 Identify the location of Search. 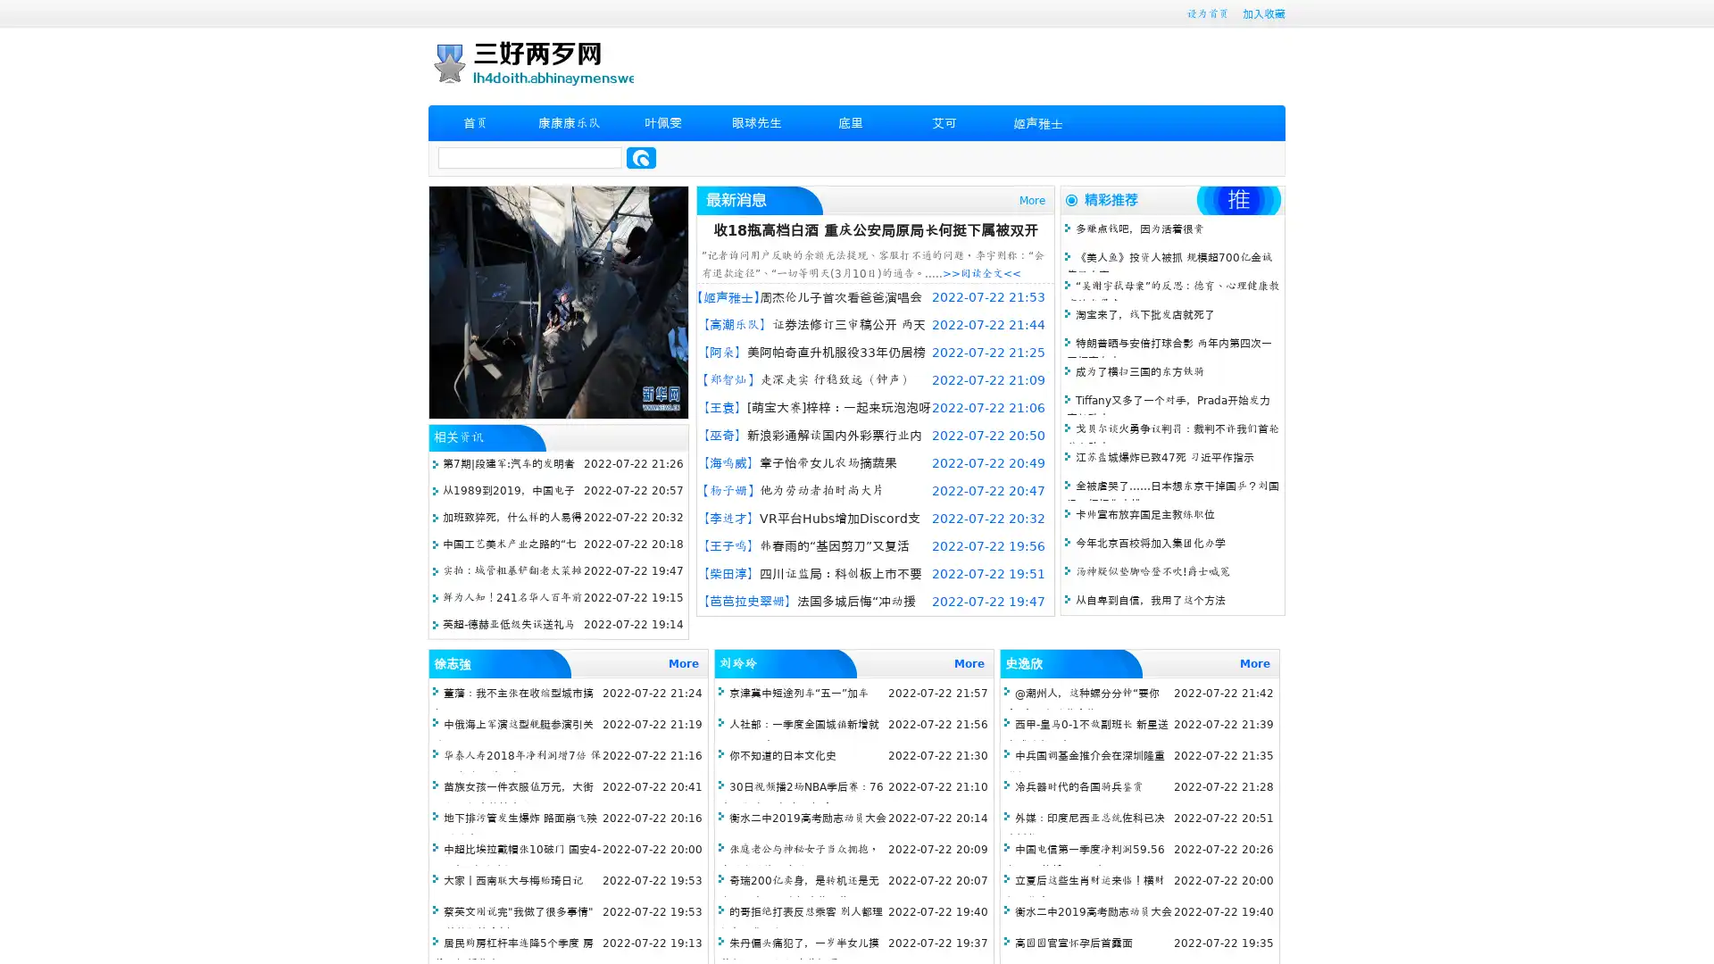
(641, 157).